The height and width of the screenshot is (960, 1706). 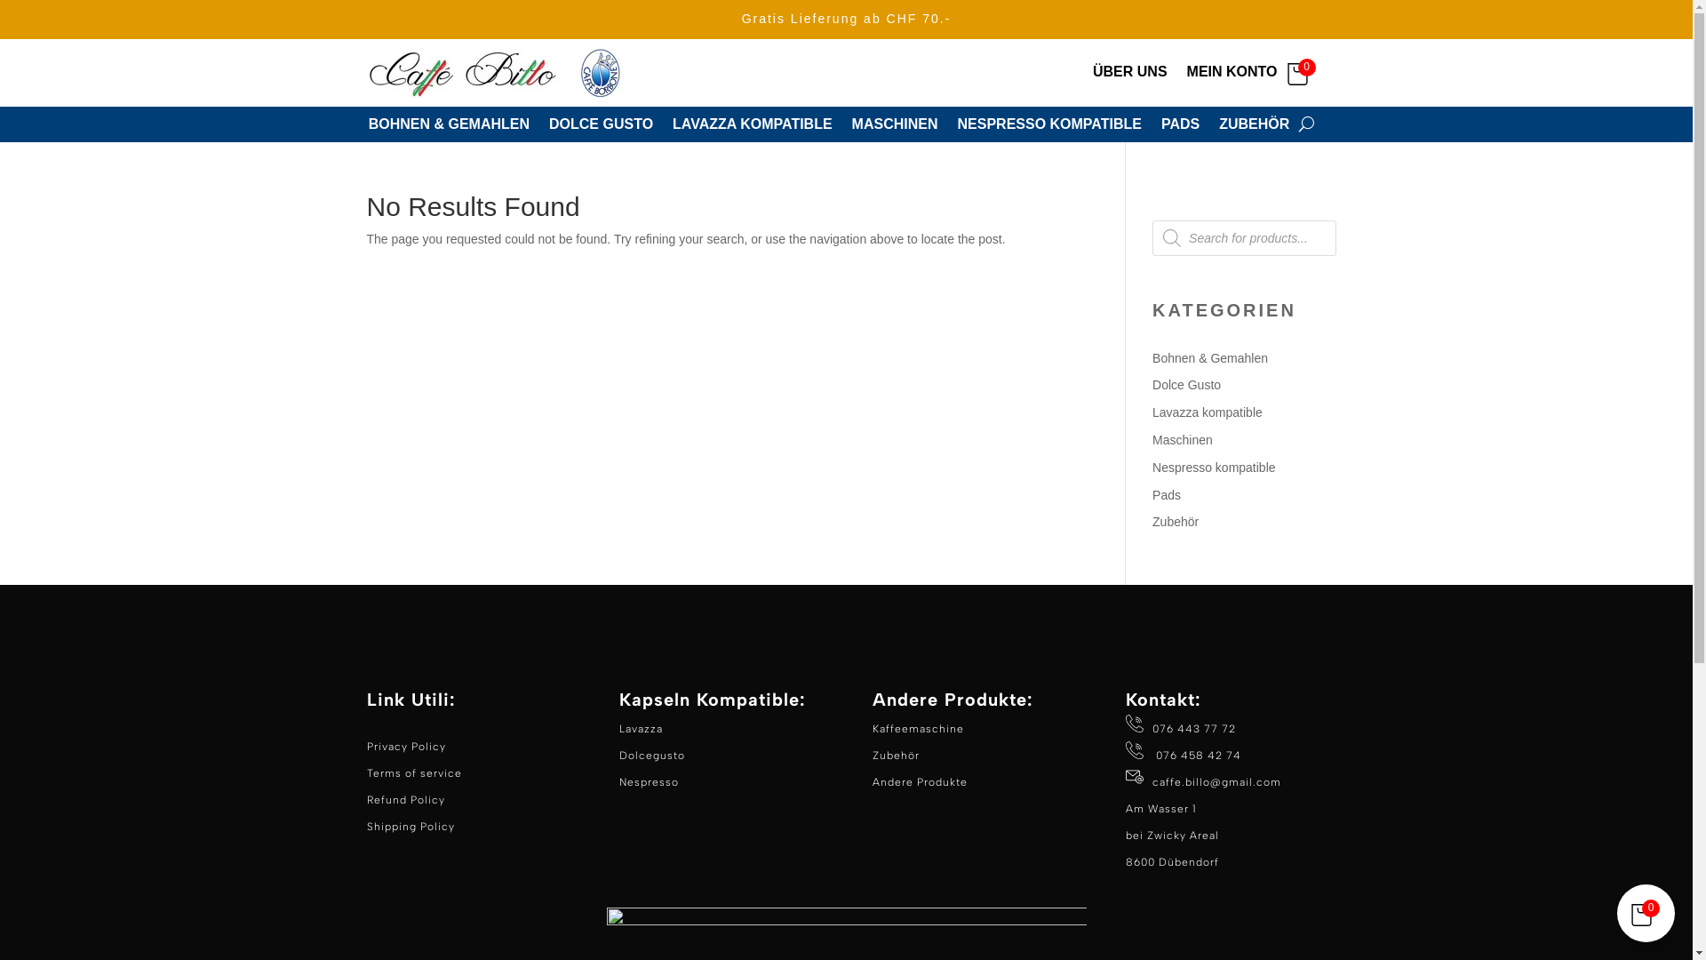 What do you see at coordinates (873, 780) in the screenshot?
I see `'Andere Produkte'` at bounding box center [873, 780].